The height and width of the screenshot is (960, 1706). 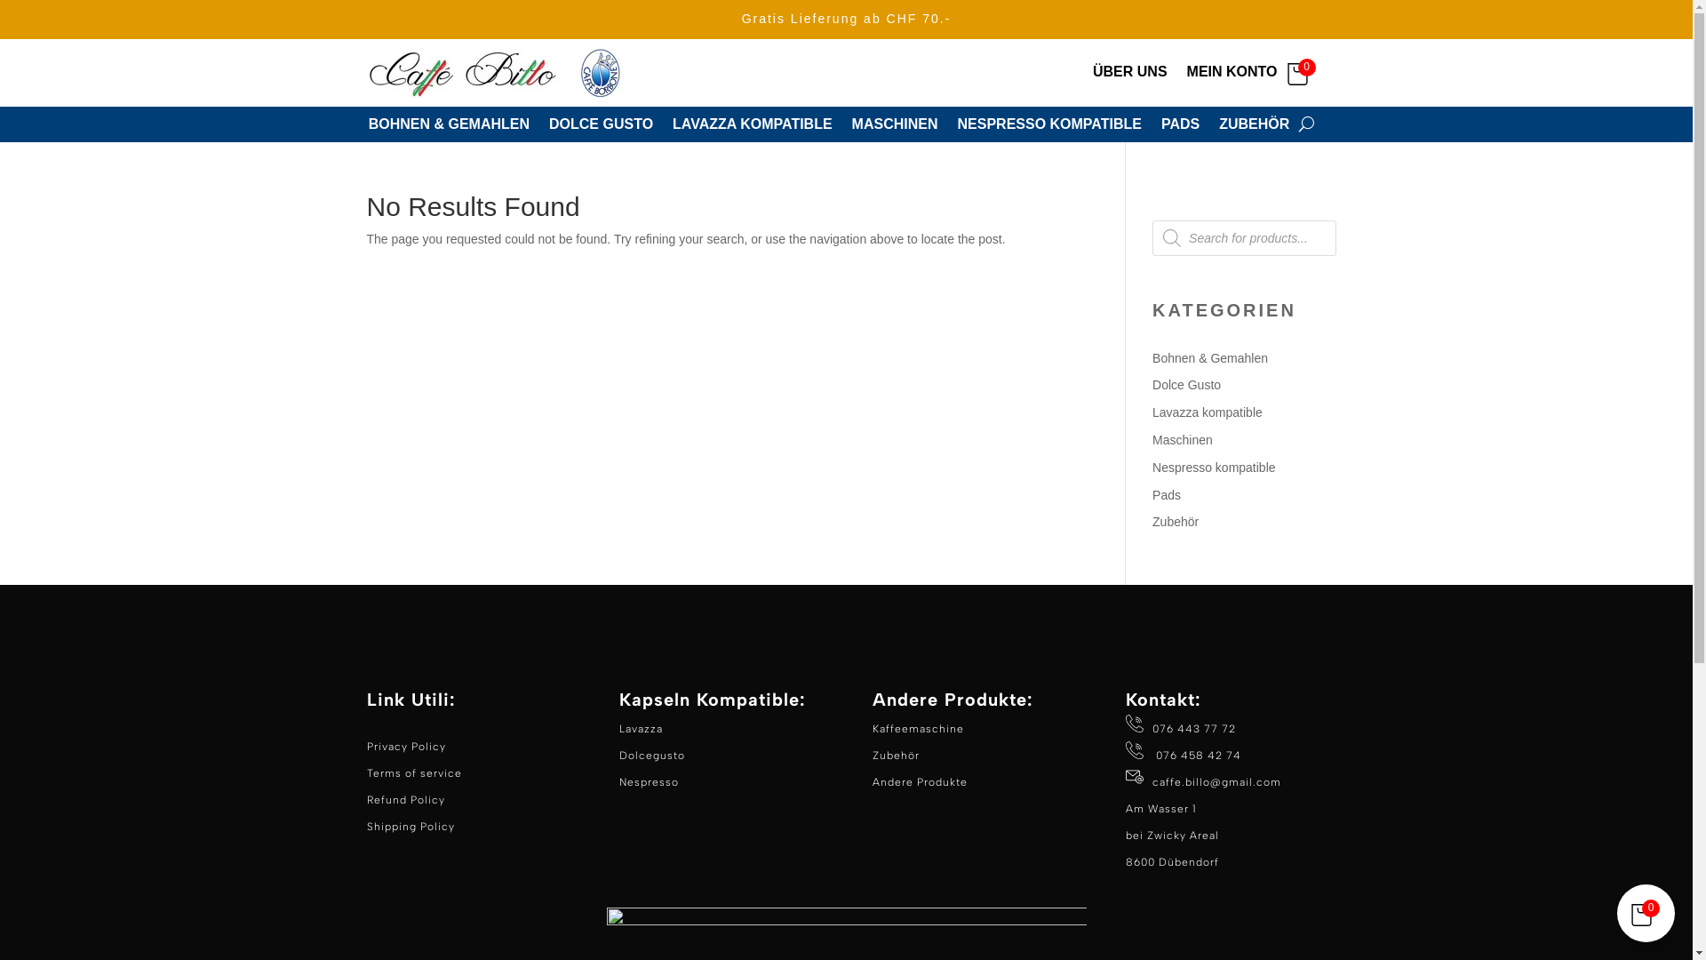 What do you see at coordinates (873, 780) in the screenshot?
I see `'Andere Produkte'` at bounding box center [873, 780].